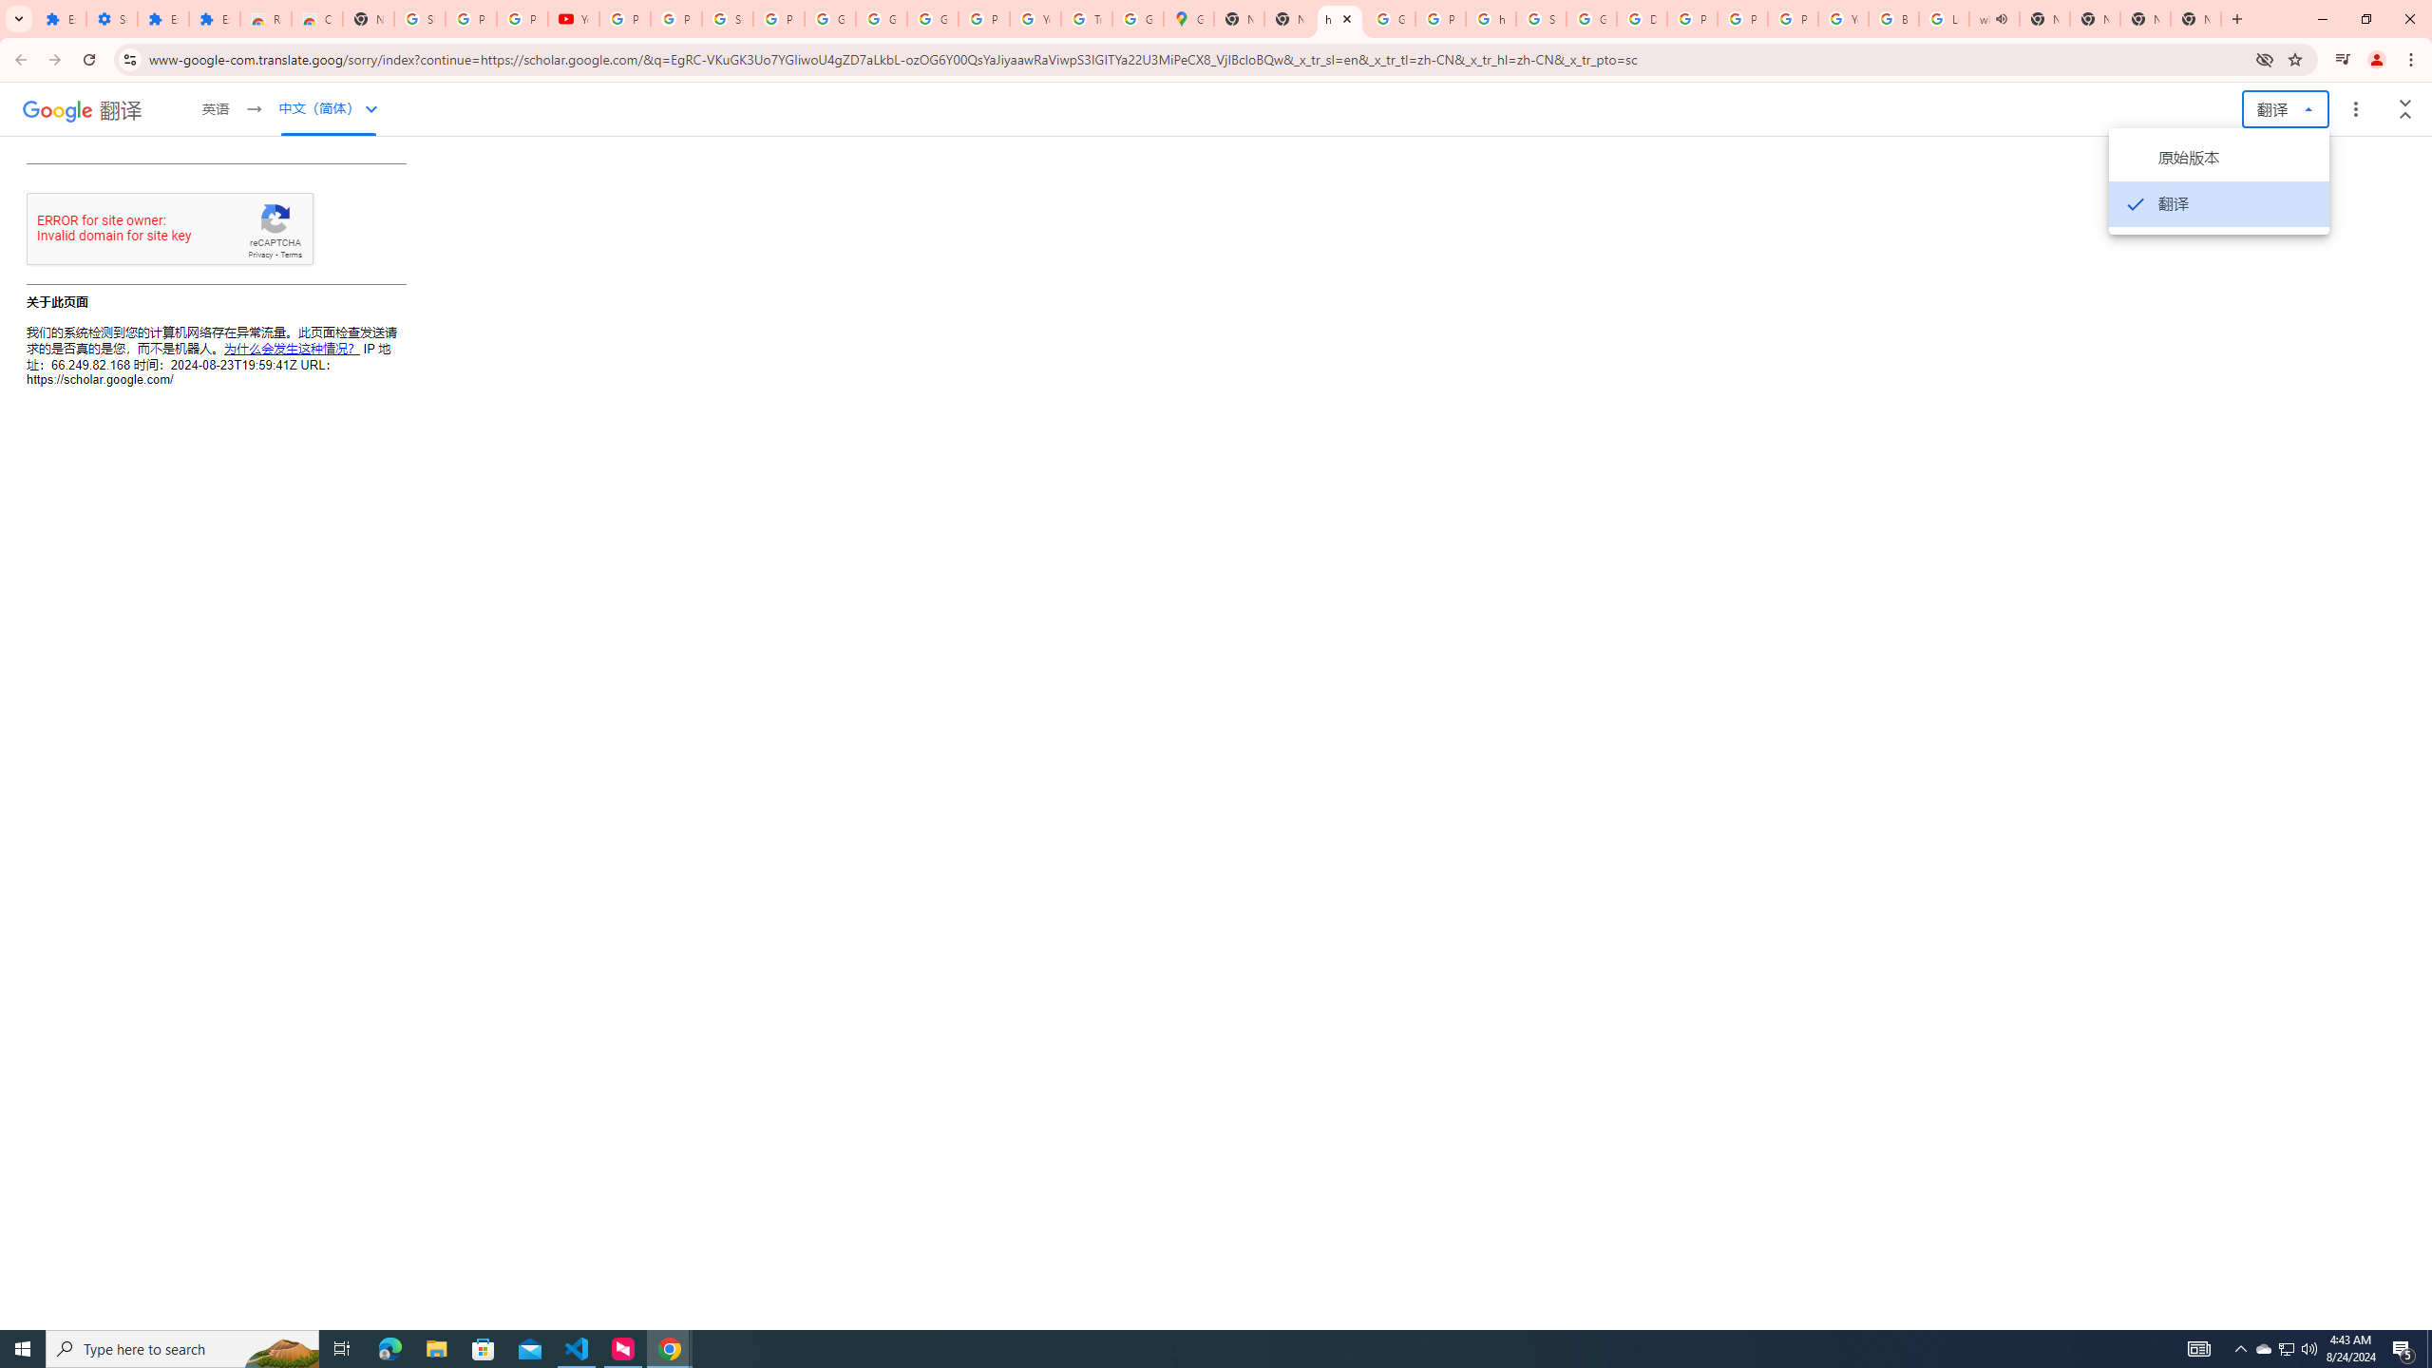 This screenshot has height=1368, width=2432. Describe the element at coordinates (1692, 18) in the screenshot. I see `'Privacy Help Center - Policies Help'` at that location.